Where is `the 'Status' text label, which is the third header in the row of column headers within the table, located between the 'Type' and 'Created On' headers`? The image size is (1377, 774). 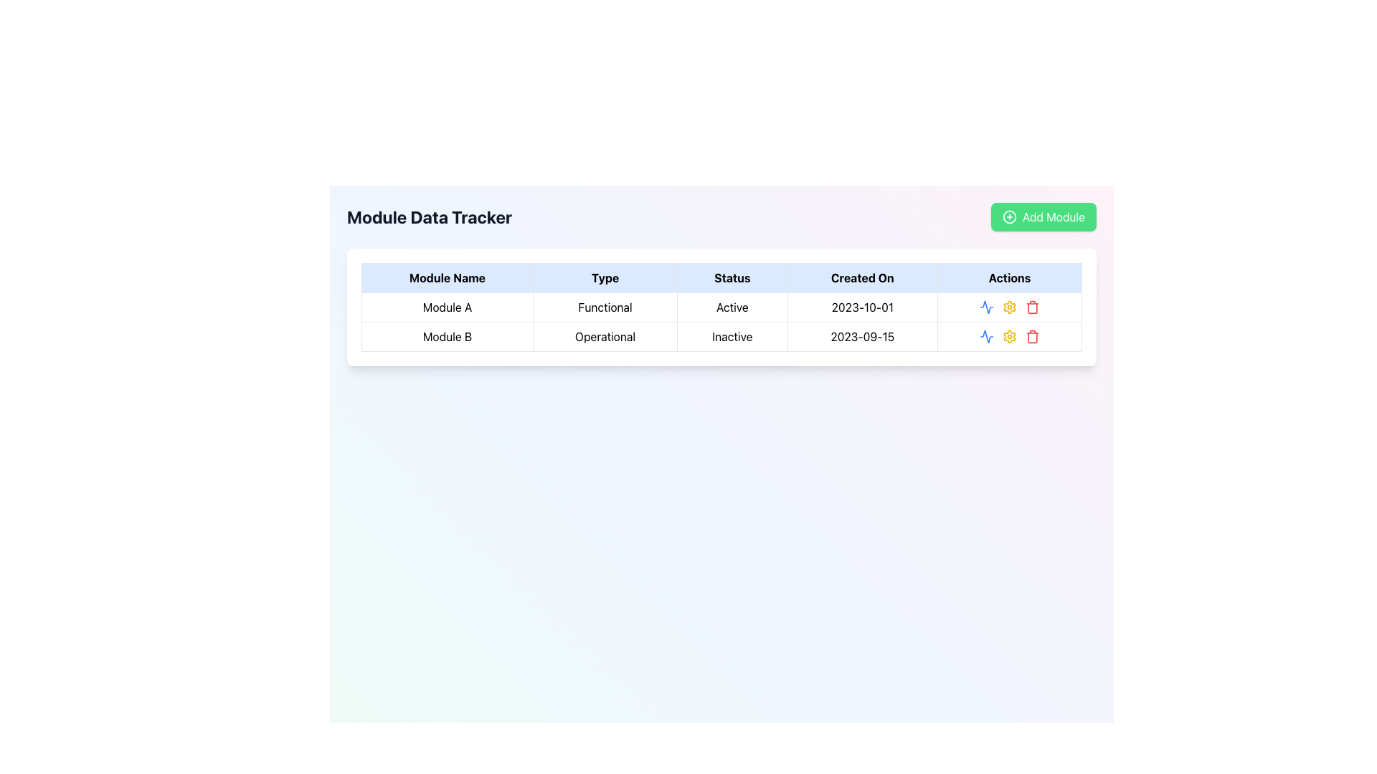
the 'Status' text label, which is the third header in the row of column headers within the table, located between the 'Type' and 'Created On' headers is located at coordinates (732, 278).